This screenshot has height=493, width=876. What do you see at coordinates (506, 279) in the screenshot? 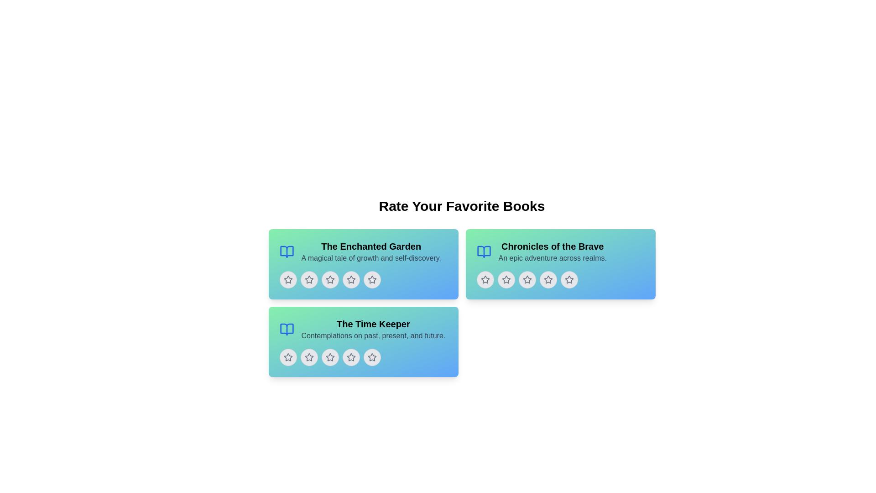
I see `the second star icon` at bounding box center [506, 279].